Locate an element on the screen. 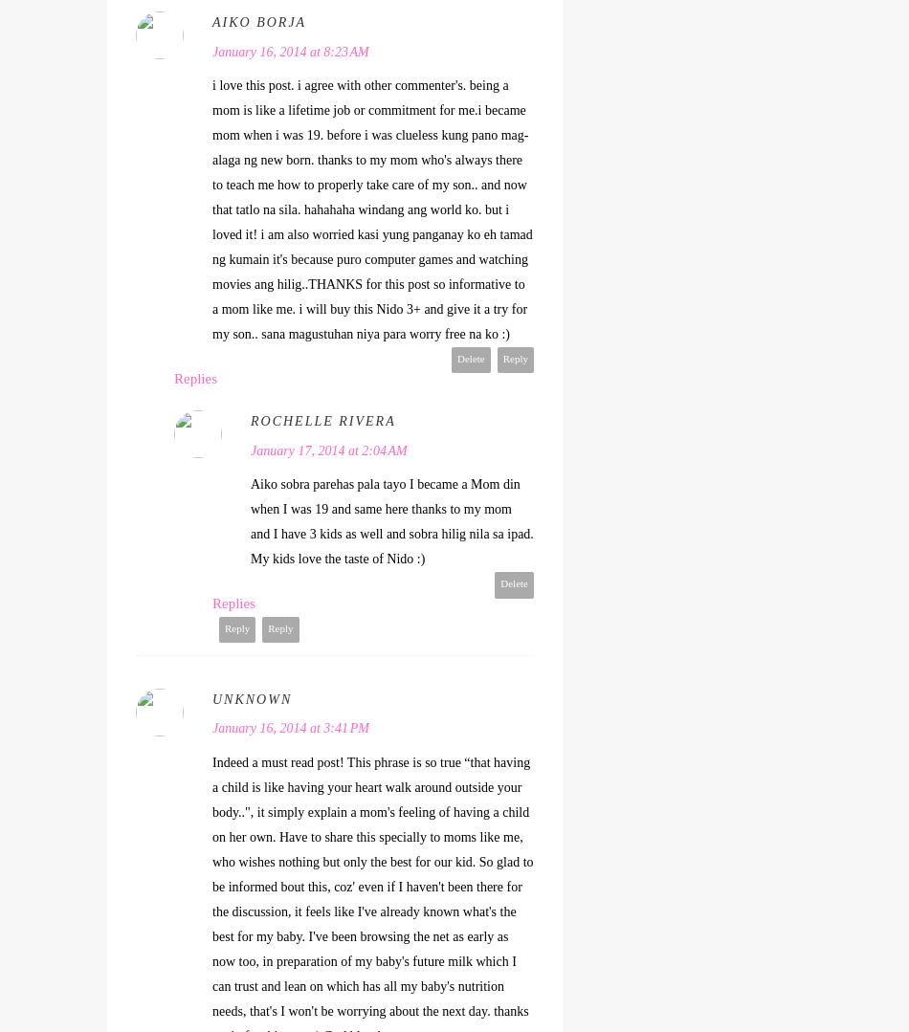  'i love this post. i agree with other commenter's. being a mom is like a lifetime job or commitment  for me.i became mom when i was 19. before i was clueless kung pano mag-alaga ng new born. thanks to my mom who's always there to teach me how to properly take care of my son.. and now that tatlo na sila. hahahaha windang ang world ko. but i loved it! i am also worried kasi yung panganay ko eh tamad ng kumain it's because puro computer games and watching movies ang hilig..THANKS for this post so informative to a mom like me. i will buy this Nido 3+ and give it a try for my son.. sana magustuhan niya para worry free na ko :)' is located at coordinates (371, 209).